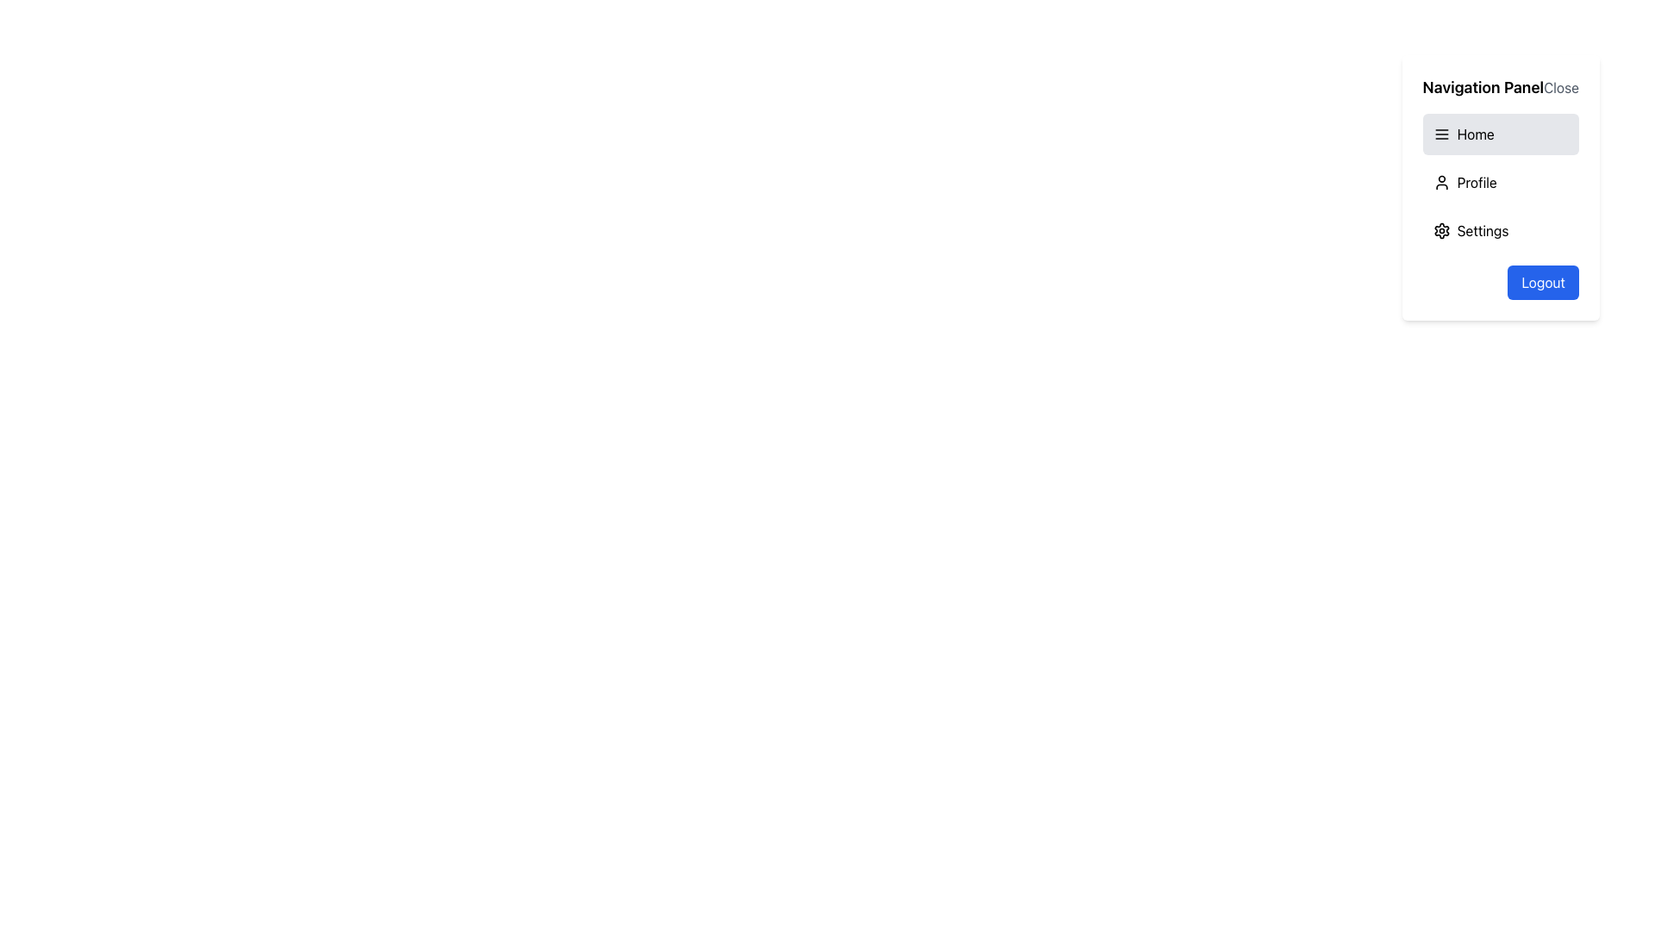  I want to click on the static text label representing a profile-related option in the navigation menu, located under the 'Navigation Panel' header and above the 'Settings' option, so click(1476, 183).